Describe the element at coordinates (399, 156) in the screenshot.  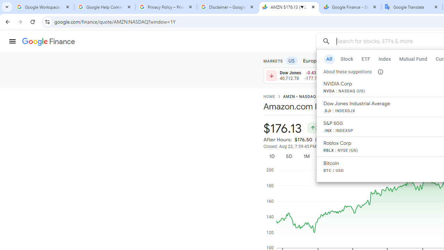
I see `'MAX'` at that location.